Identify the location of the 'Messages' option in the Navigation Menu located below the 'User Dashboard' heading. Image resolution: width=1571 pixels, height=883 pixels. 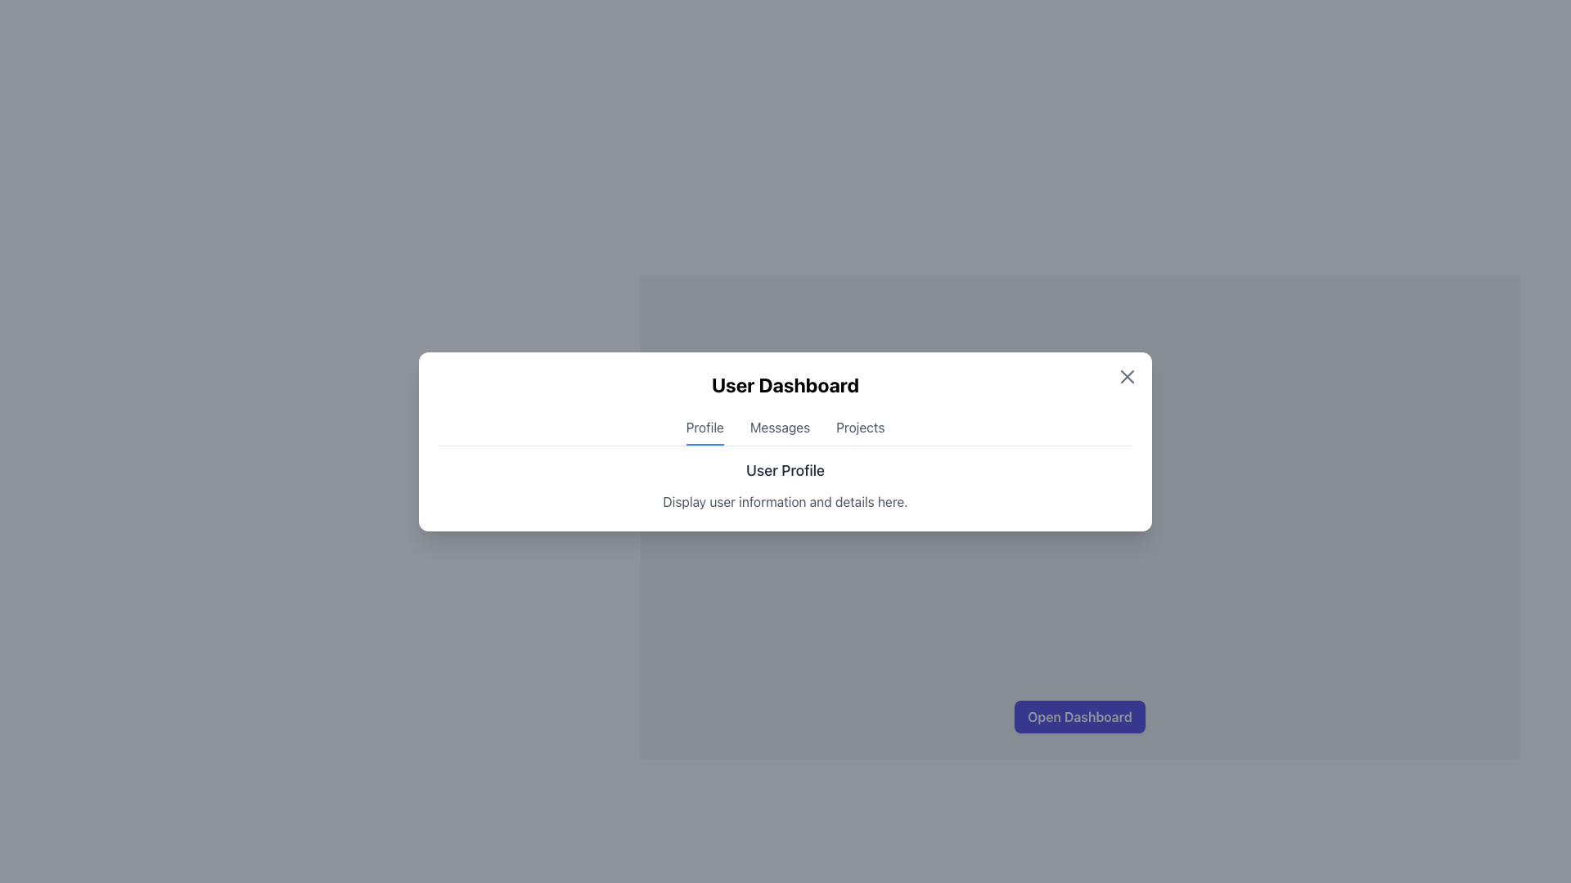
(785, 430).